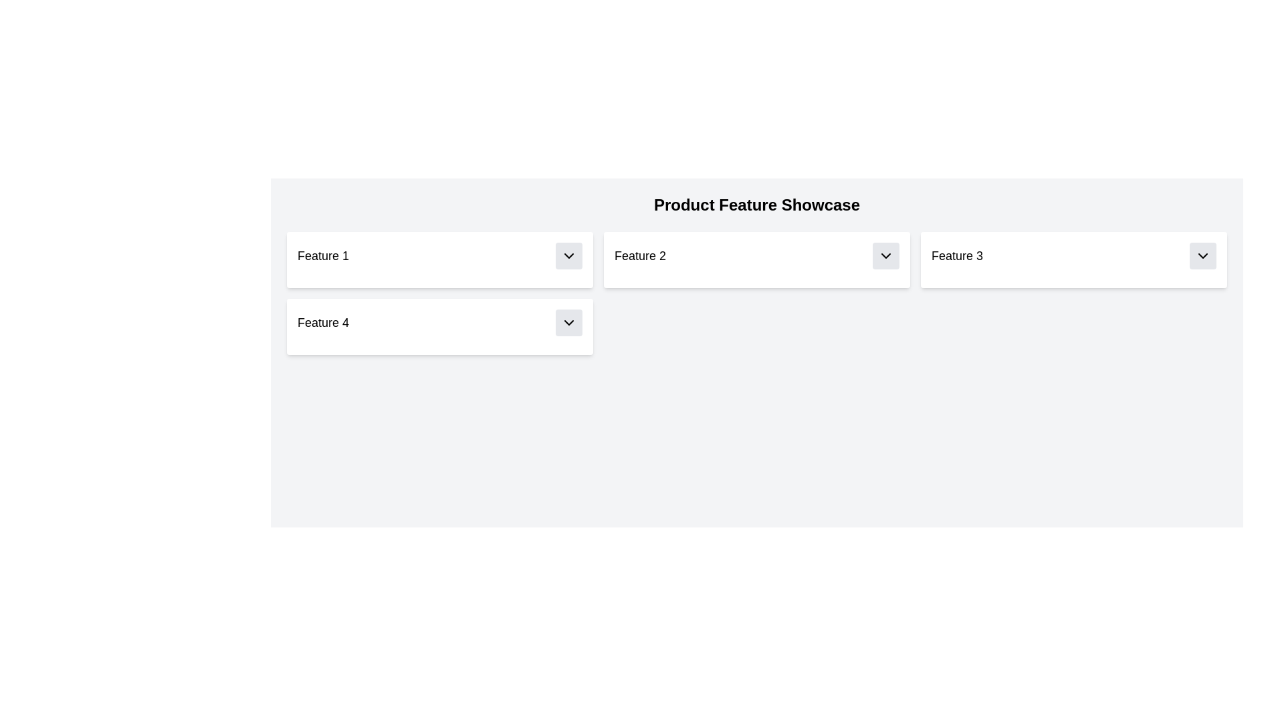 This screenshot has width=1284, height=722. Describe the element at coordinates (639, 255) in the screenshot. I see `the text label displaying 'Feature 2', which is styled with bold text and medium-sized font, located in the second horizontal section of the interface` at that location.